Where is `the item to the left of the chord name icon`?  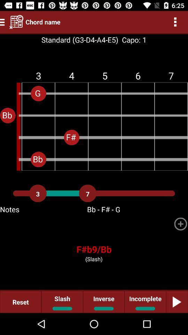
the item to the left of the chord name icon is located at coordinates (16, 22).